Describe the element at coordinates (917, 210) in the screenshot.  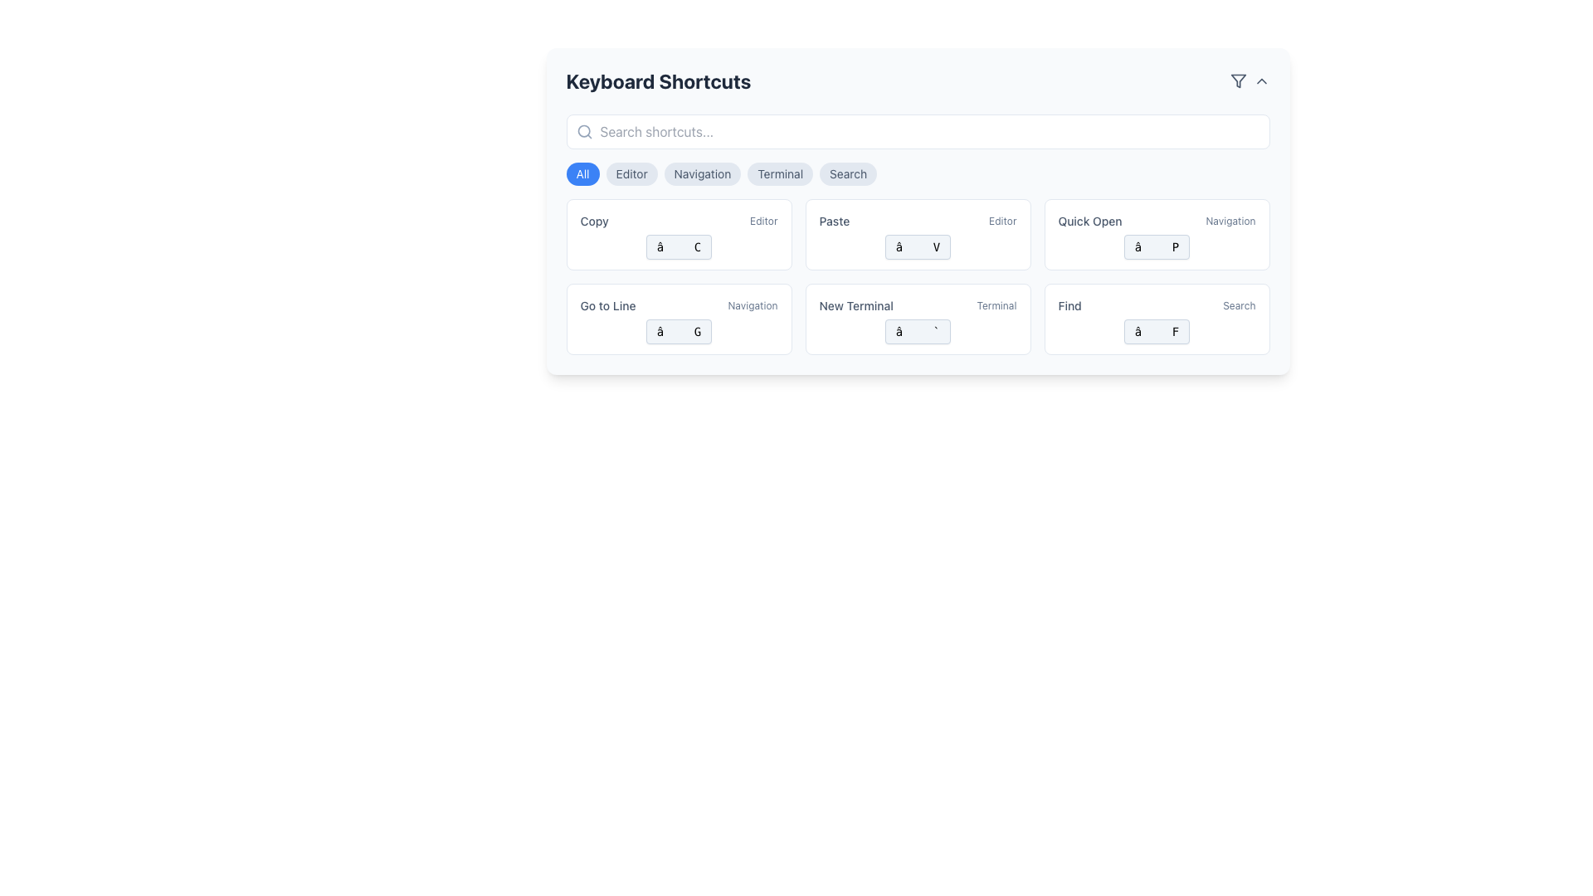
I see `the informational card displaying 'Paste' and 'Editor' with the button labeled '⌘ V', located in the second column of the first row of a card grid` at that location.